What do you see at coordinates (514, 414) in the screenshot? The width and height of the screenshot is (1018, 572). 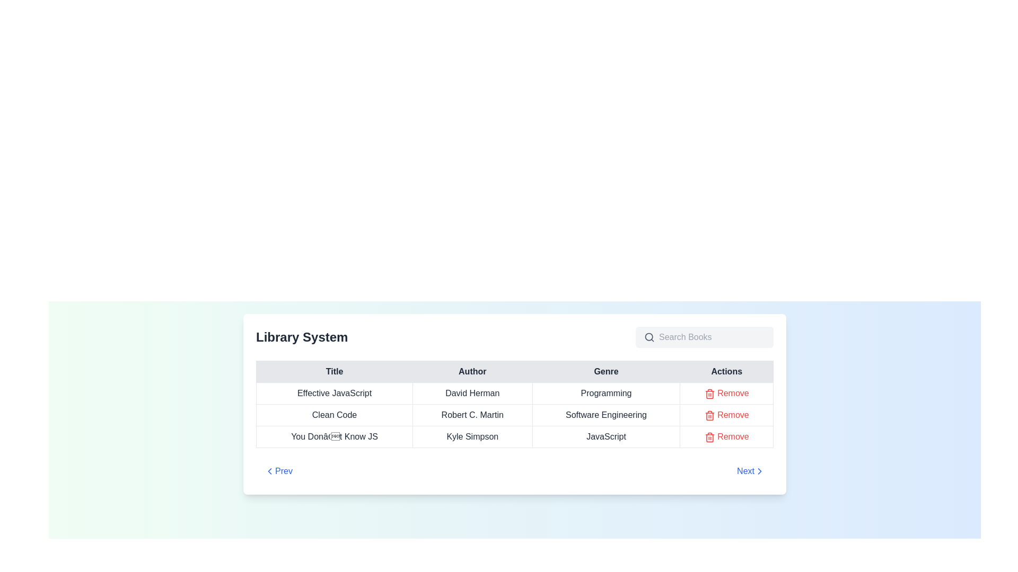 I see `the second row of the table displaying information about the book 'Clean Code' by Robert C. Martin, which includes a 'Remove' action button` at bounding box center [514, 414].